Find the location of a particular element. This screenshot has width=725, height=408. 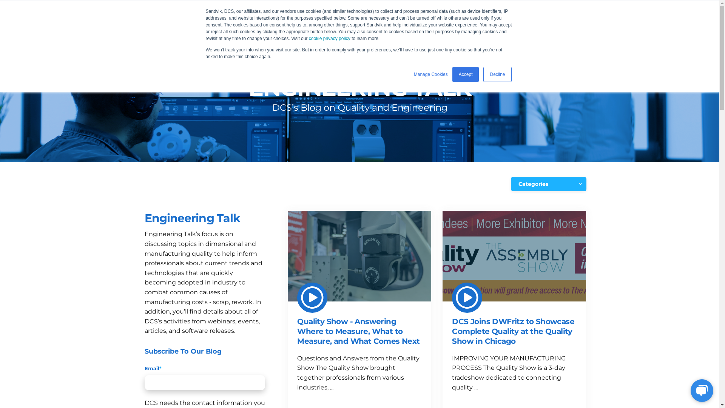

'Careers' is located at coordinates (409, 29).